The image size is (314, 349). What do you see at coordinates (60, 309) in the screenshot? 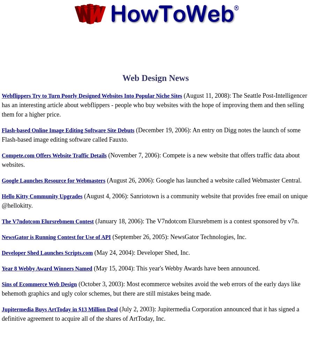
I see `'Jupitermedia Buys ArtToday in $13 Million Deal'` at bounding box center [60, 309].